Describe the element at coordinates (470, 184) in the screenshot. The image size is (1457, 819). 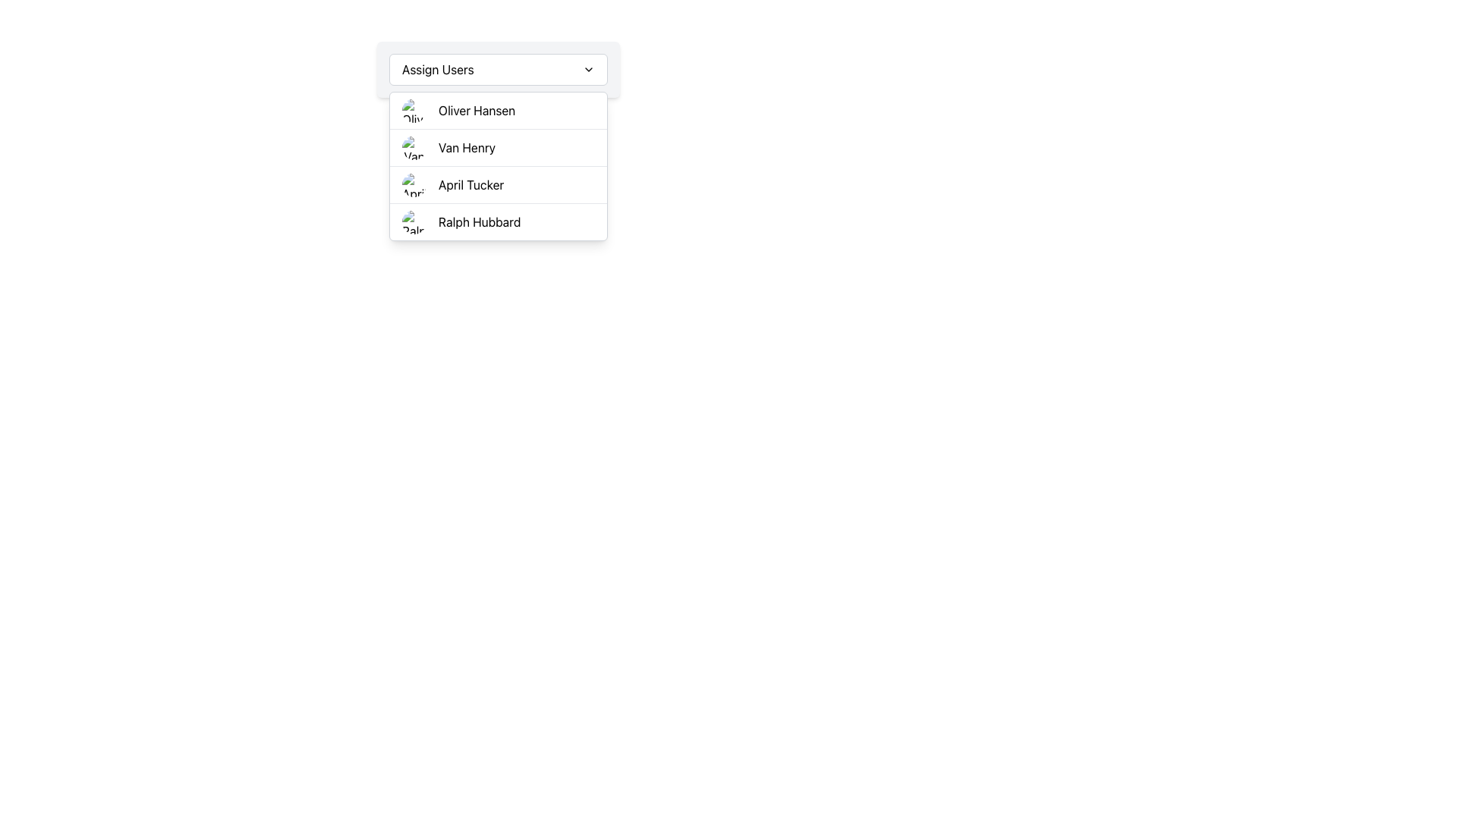
I see `to select the list item labeled 'April Tucker' in the dropdown, which is styled in standard sans-serif font and positioned in the third row, between 'Van Henry' and 'Ralph Hubbard'` at that location.